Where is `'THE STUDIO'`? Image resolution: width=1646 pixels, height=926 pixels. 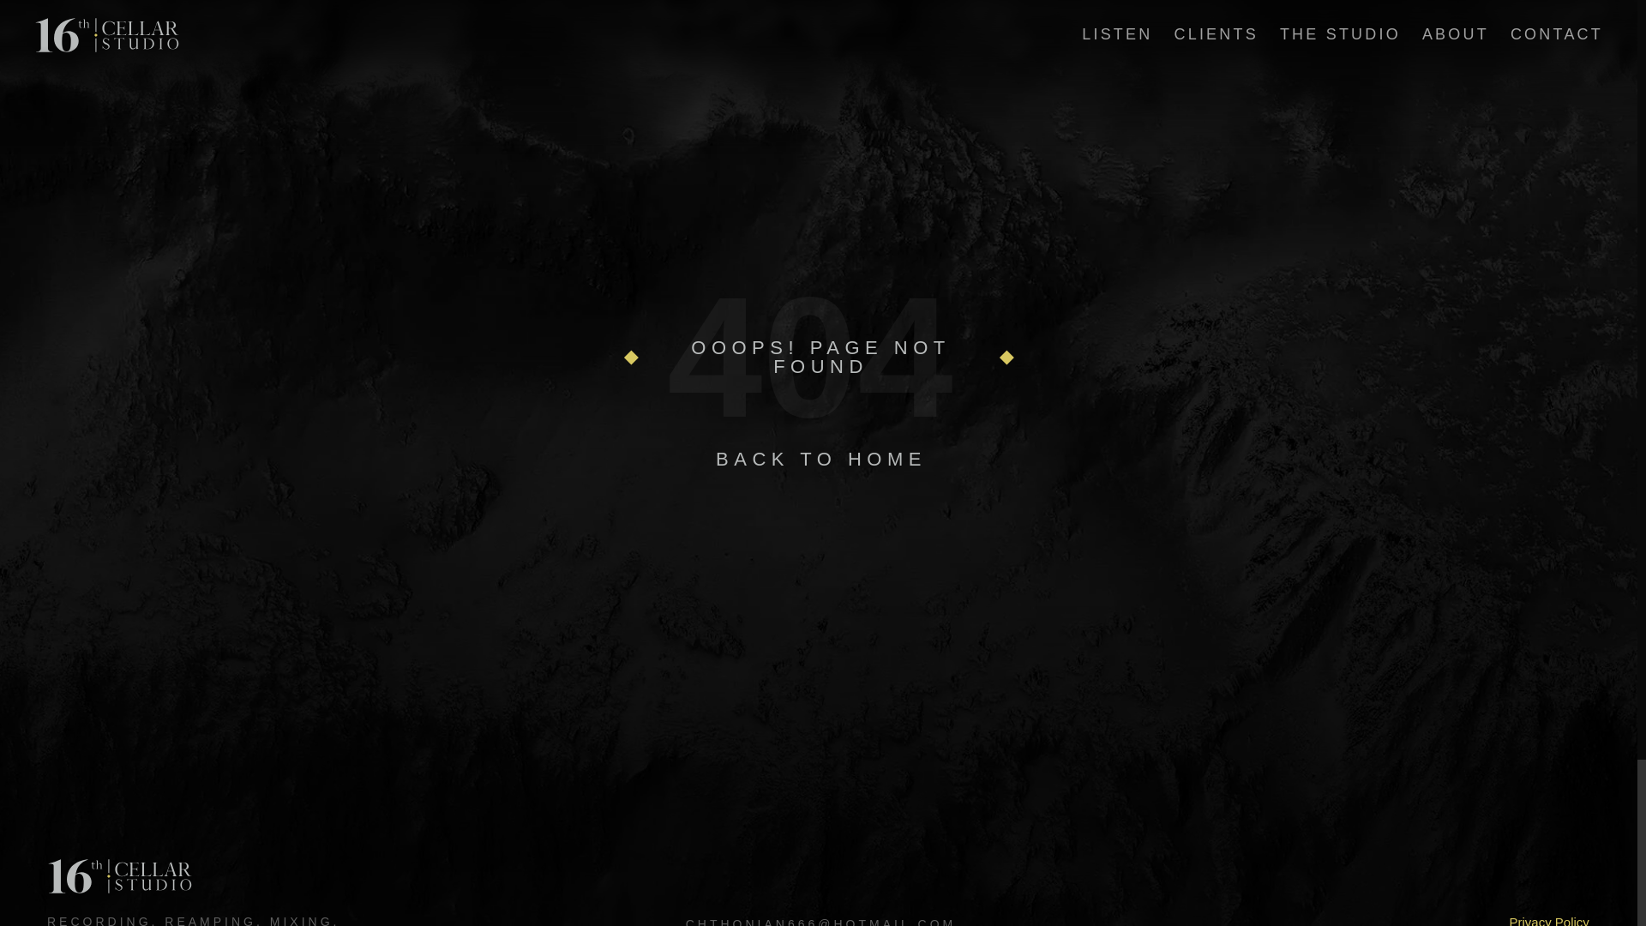
'THE STUDIO' is located at coordinates (1339, 33).